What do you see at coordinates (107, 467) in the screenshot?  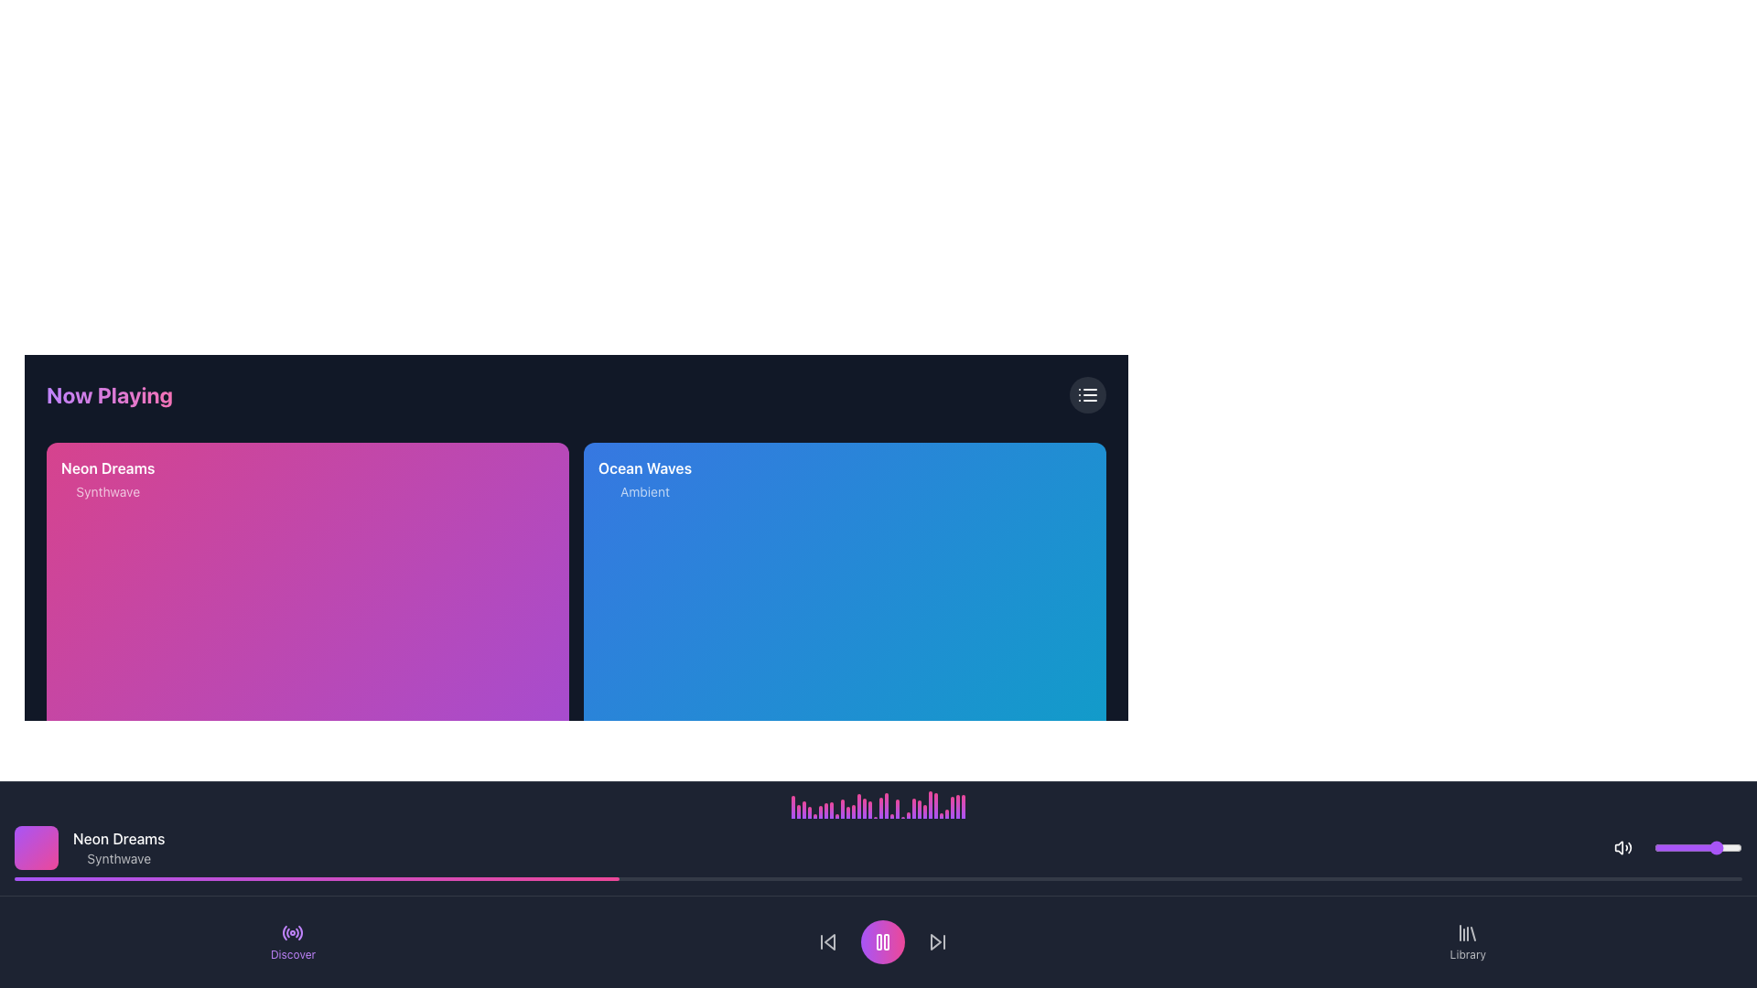 I see `text content of the bold 'Neon Dreams' label located in the upper-left corner of the card layout` at bounding box center [107, 467].